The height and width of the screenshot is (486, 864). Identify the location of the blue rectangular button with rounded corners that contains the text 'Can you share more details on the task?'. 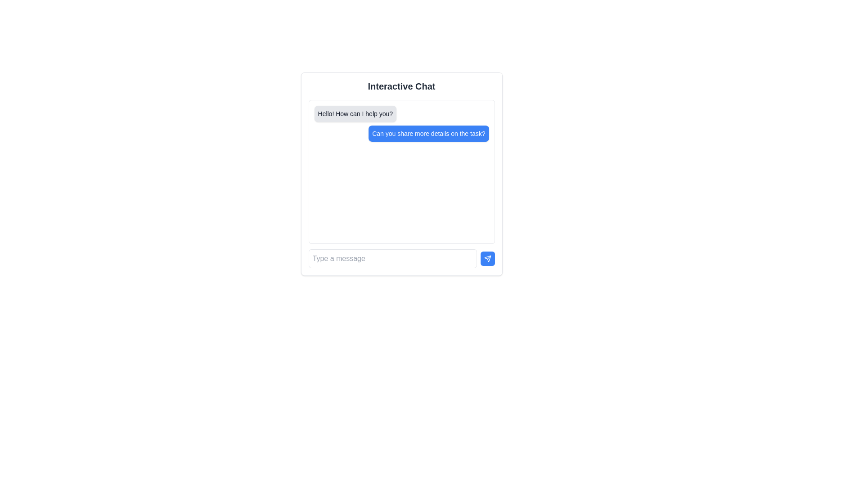
(428, 134).